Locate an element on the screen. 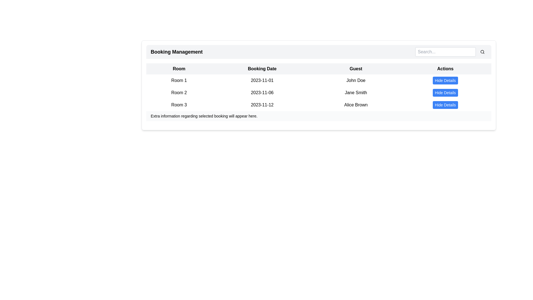 The image size is (533, 300). the 'Booking Date' label, which is a bold text block centered in a light gray background within a table header, positioned between the 'Room' and 'Guest' columns is located at coordinates (262, 68).